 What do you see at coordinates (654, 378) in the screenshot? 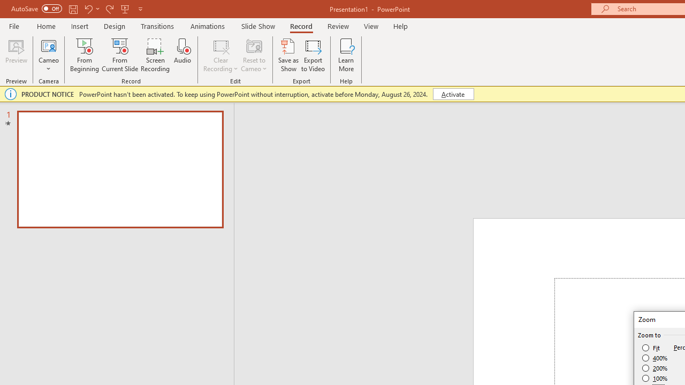
I see `'100%'` at bounding box center [654, 378].